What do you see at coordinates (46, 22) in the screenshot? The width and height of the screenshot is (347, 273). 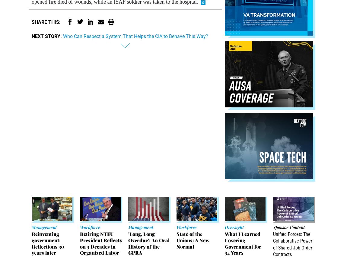 I see `'Share This:'` at bounding box center [46, 22].